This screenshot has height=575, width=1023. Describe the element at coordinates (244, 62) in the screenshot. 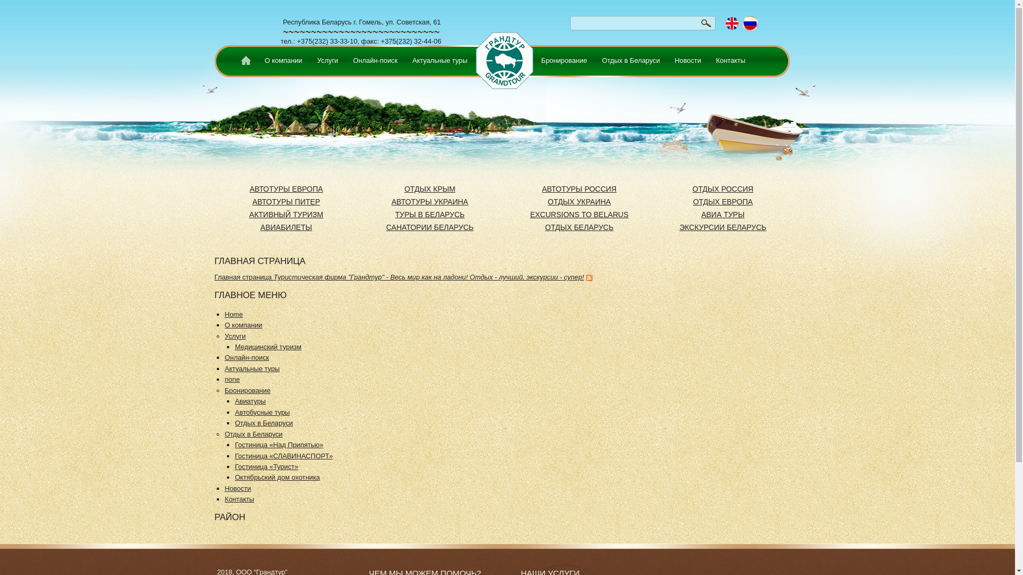

I see `'Home'` at that location.